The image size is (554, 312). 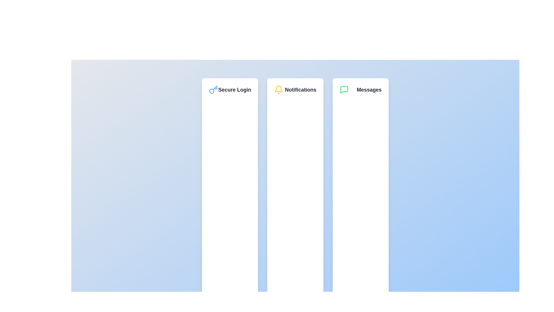 I want to click on the section header labeled 'Messages' which includes a green speech bubble icon and bold dark gray text, located at the upper-right corner of the third card layout, so click(x=360, y=90).